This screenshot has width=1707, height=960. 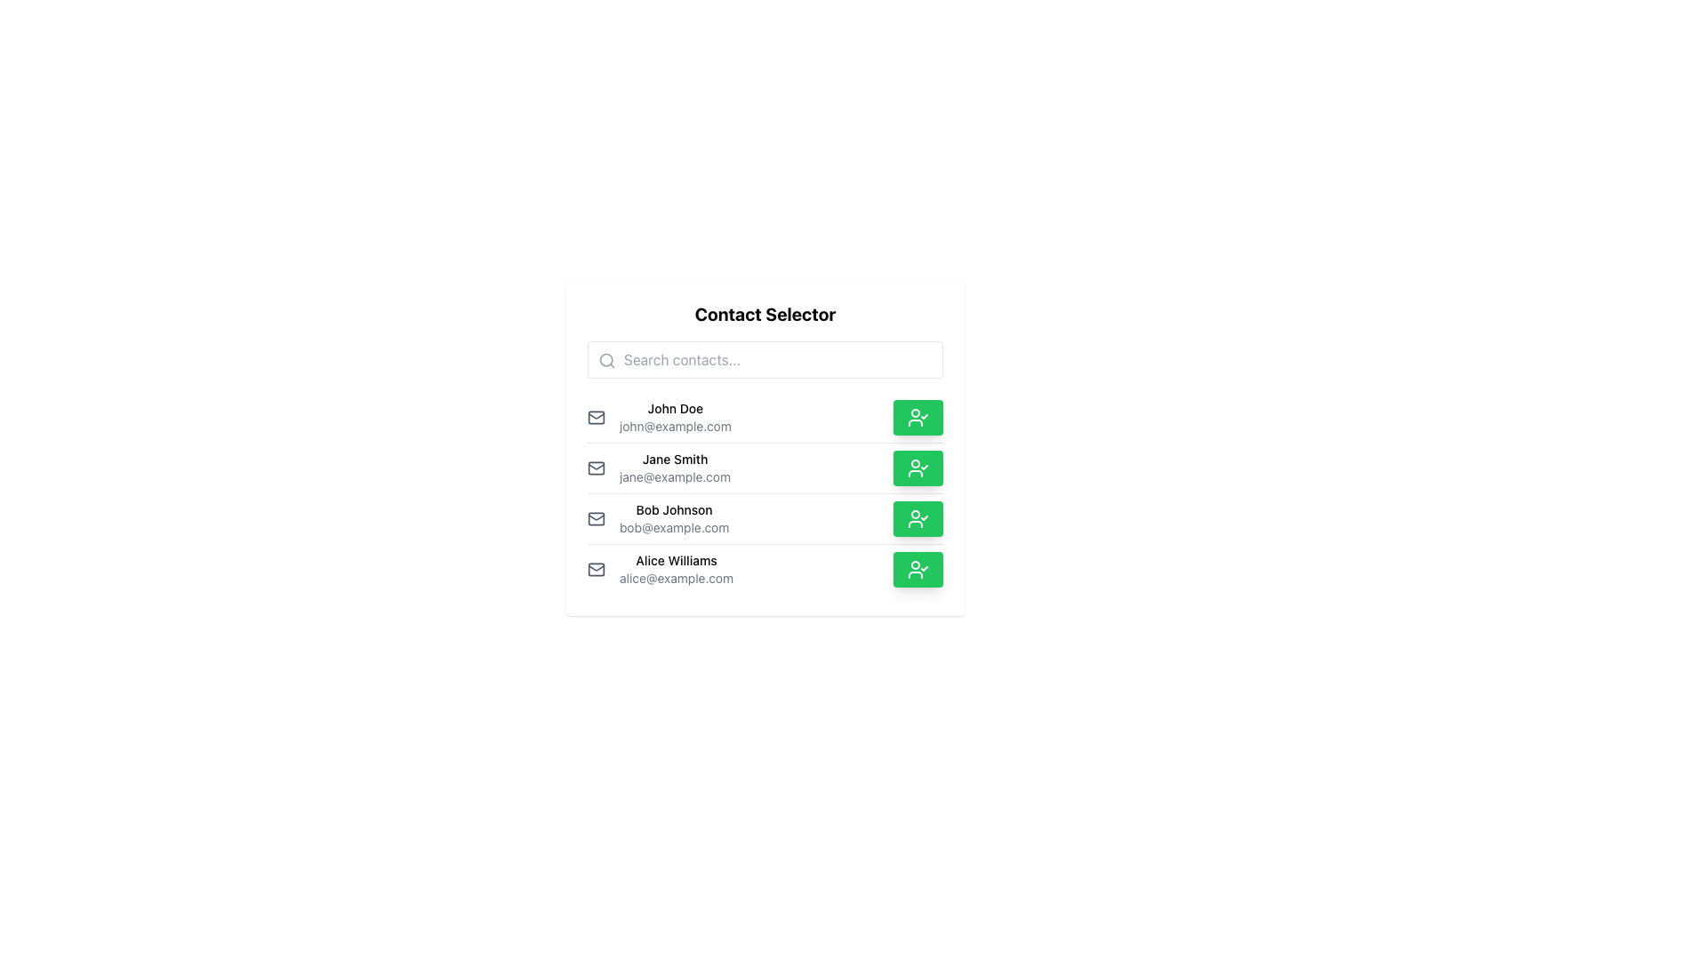 What do you see at coordinates (918, 468) in the screenshot?
I see `the button that triggers the action for confirming the contact 'Jane Smith', located to the far right of her row in the contact list` at bounding box center [918, 468].